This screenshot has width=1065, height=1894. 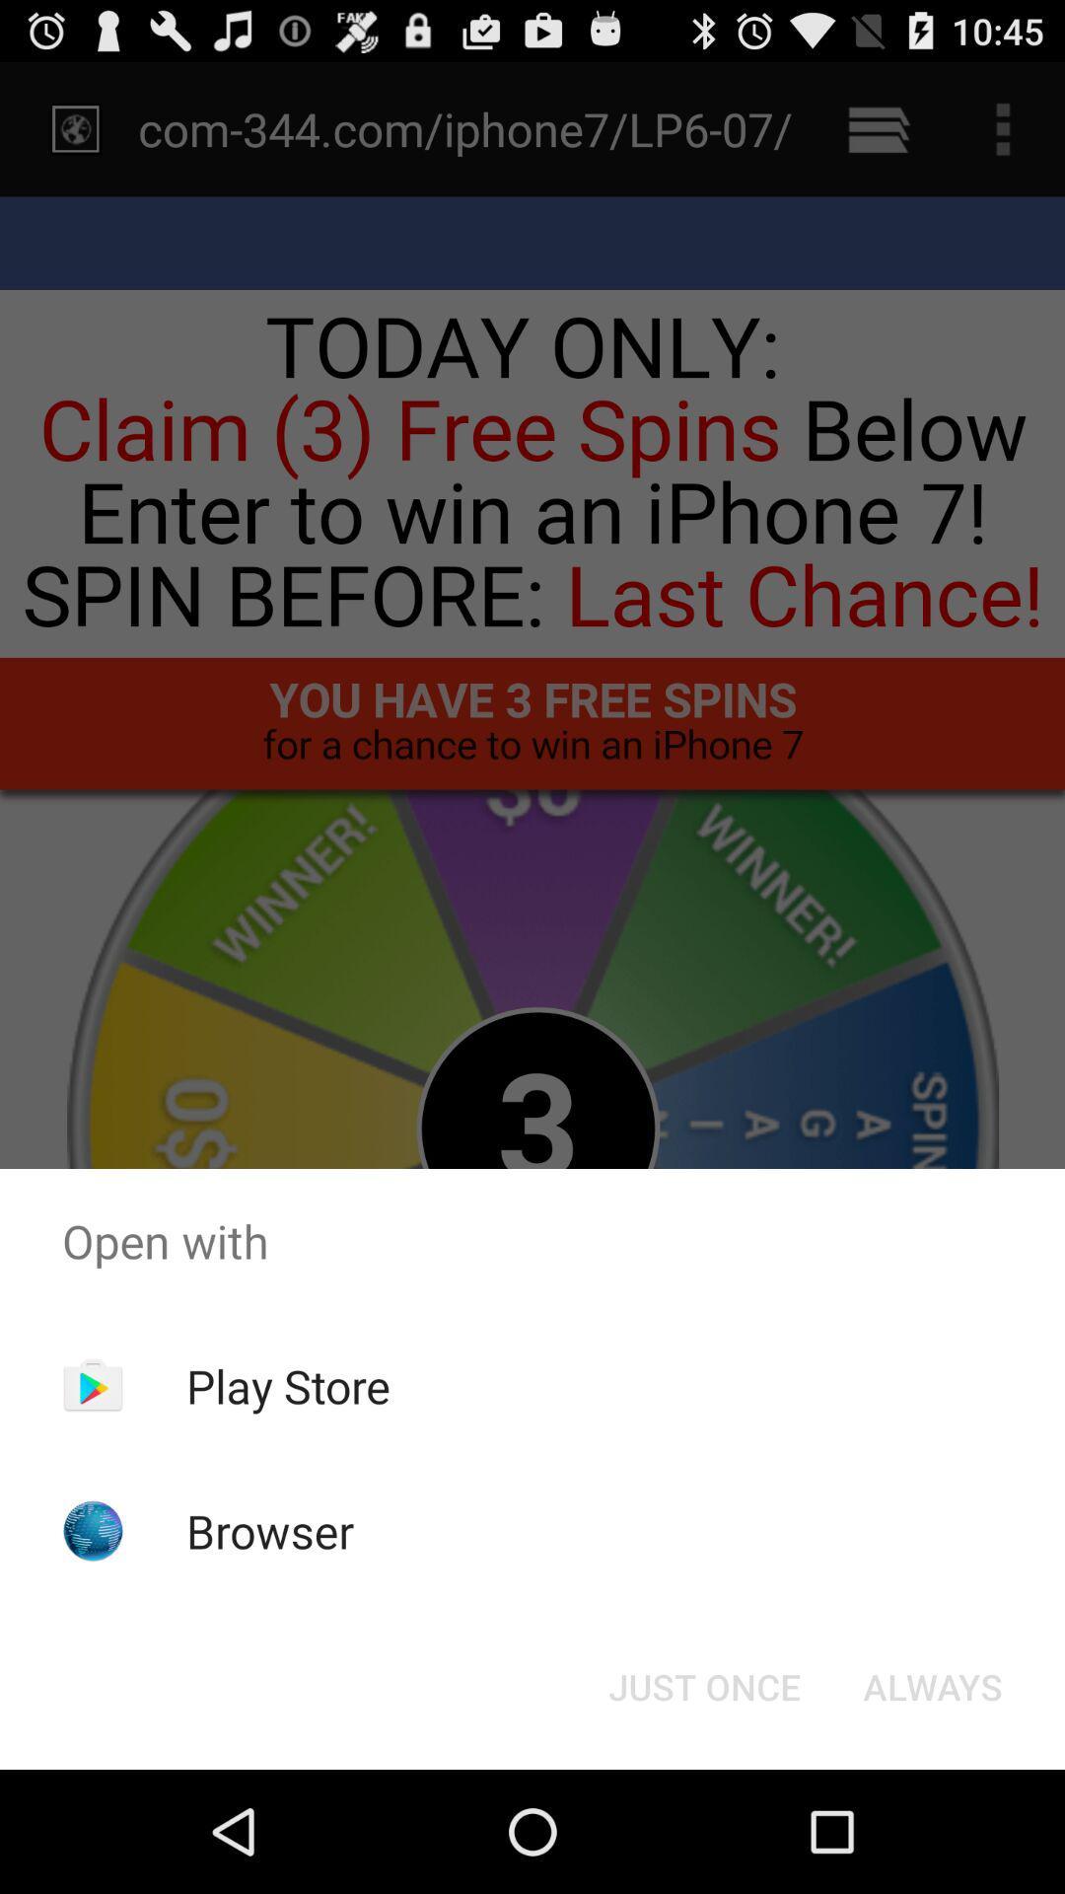 What do you see at coordinates (932, 1685) in the screenshot?
I see `the button at the bottom right corner` at bounding box center [932, 1685].